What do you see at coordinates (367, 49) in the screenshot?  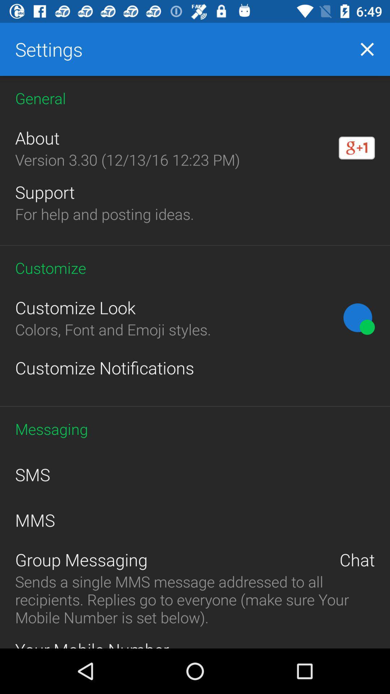 I see `the close icon` at bounding box center [367, 49].